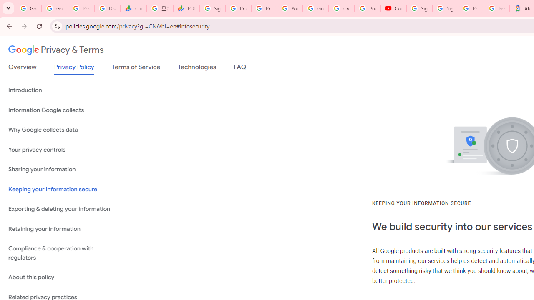 The image size is (534, 300). I want to click on 'Sign in - Google Accounts', so click(419, 8).